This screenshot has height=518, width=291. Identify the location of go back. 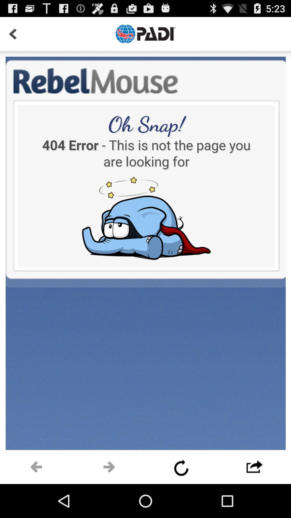
(36, 467).